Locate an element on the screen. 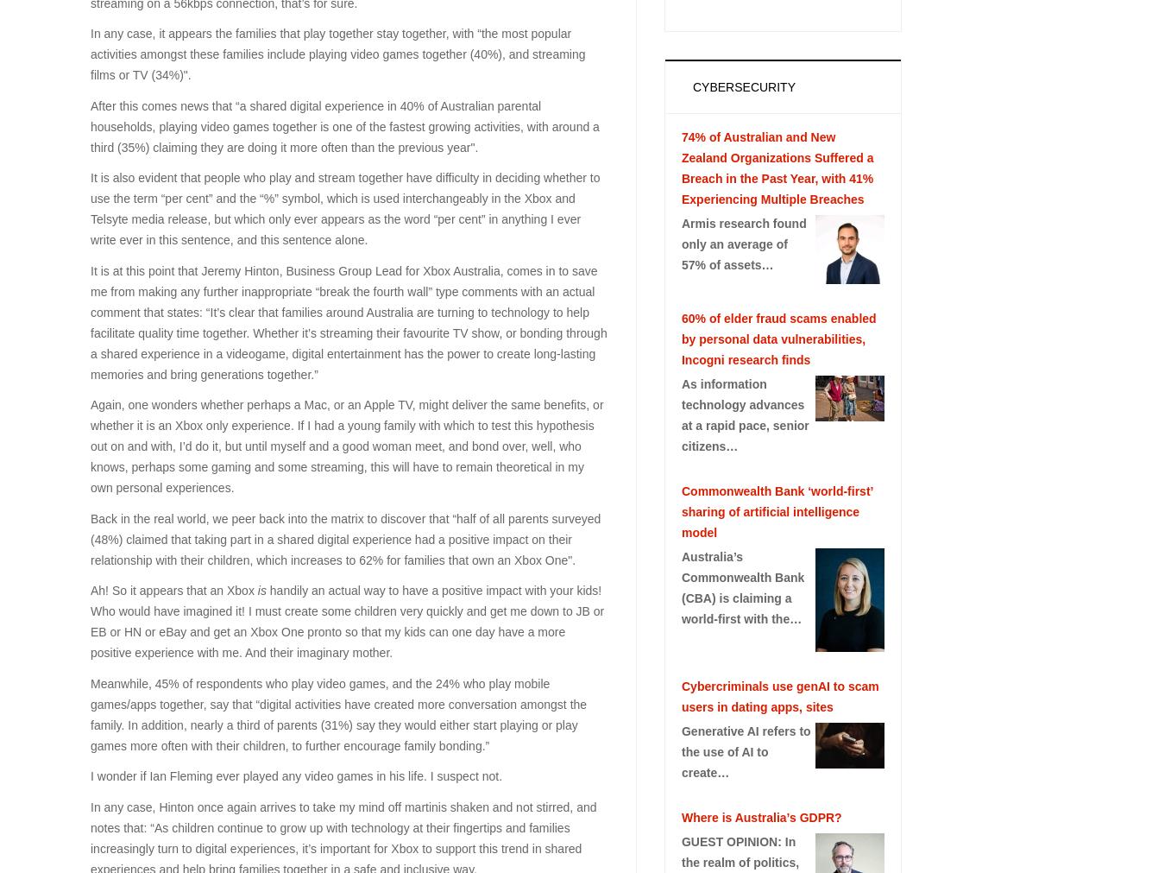 The height and width of the screenshot is (873, 1152). 'It is at this point that Jeremy Hinton, Business Group Lead for Xbox Australia, comes in to save me from making any further inappropriate “break the fourth wall” type comments with an actual comment that states: “It’s clear that families around Australia are turning to technology to help facilitate quality time together. Whether it’s streaming their favourite TV show, or bonding through a shared experience in a videogame, digital entertainment has the power to create long-lasting memories and bring generations together.”' is located at coordinates (90, 320).